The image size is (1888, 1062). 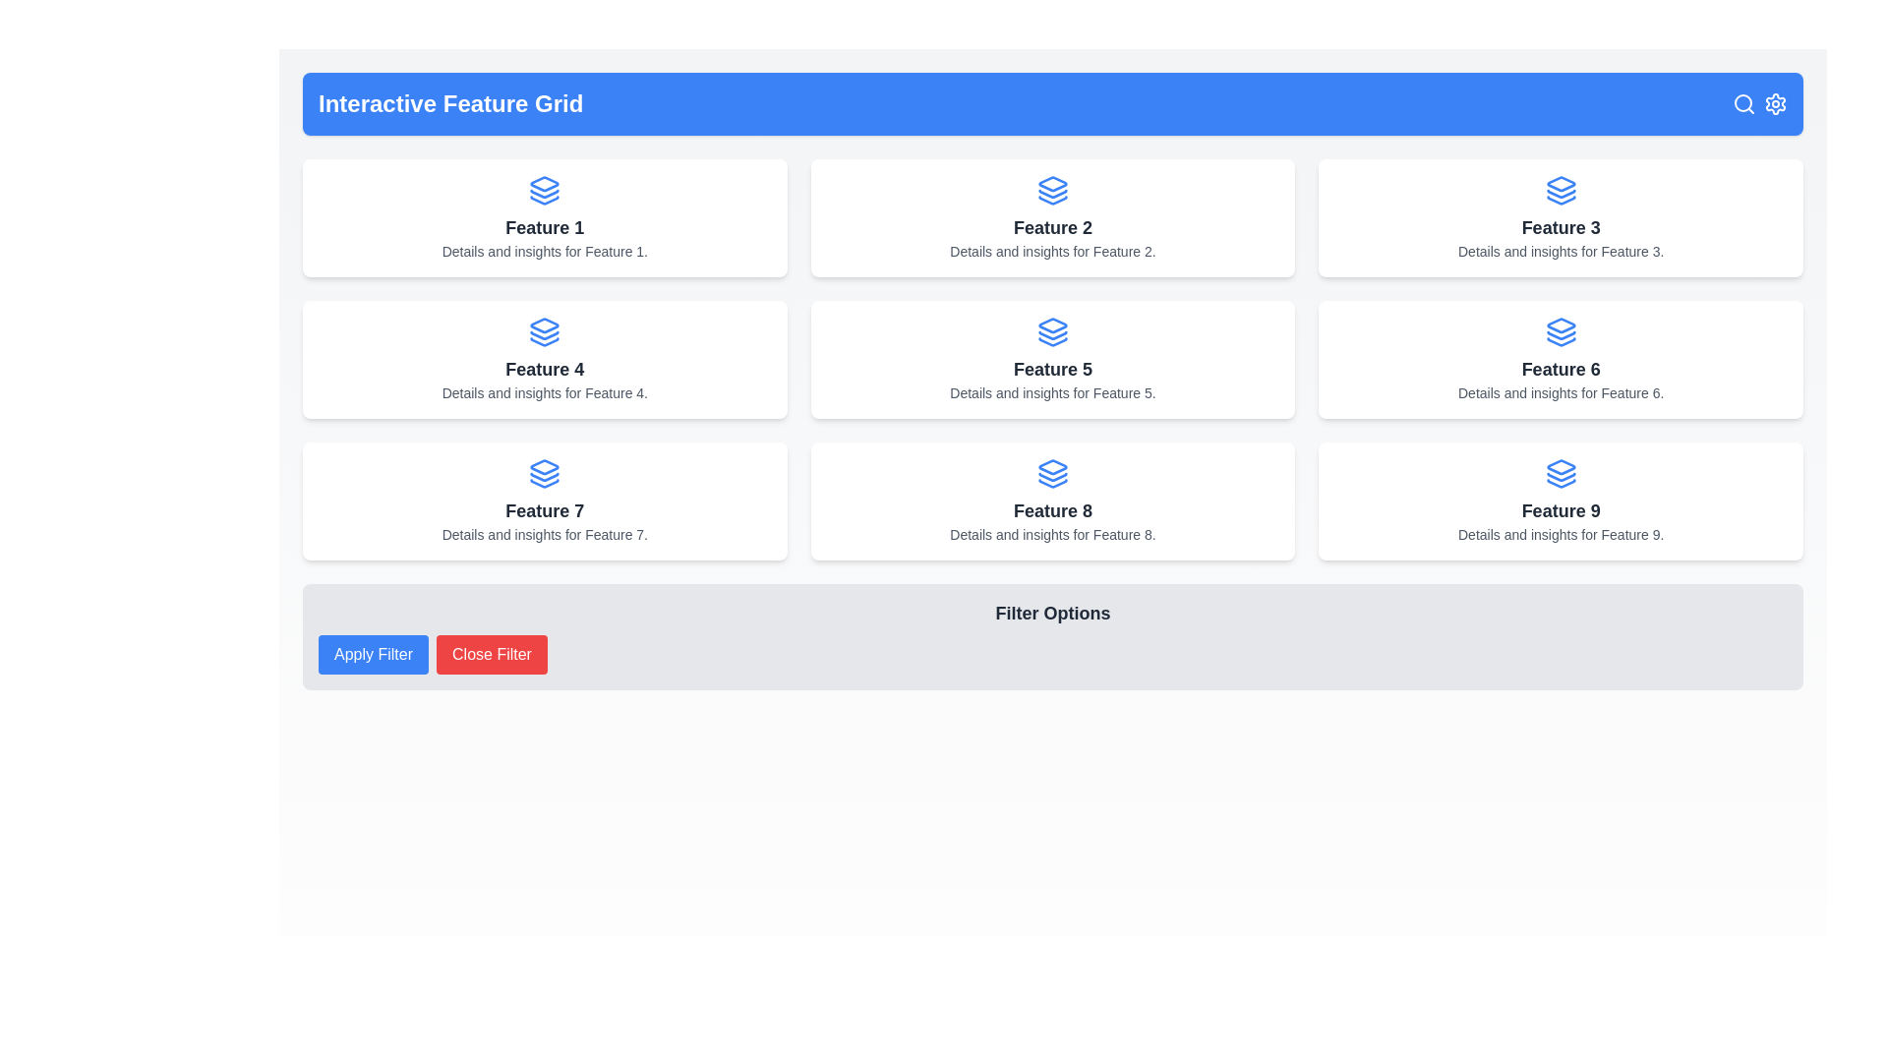 I want to click on the blue 'Apply Filter' button with rounded edges, so click(x=373, y=655).